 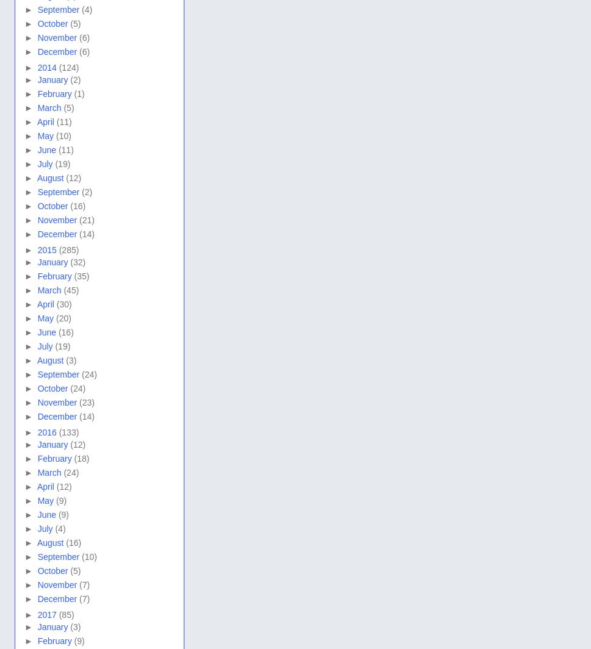 I want to click on '(32)', so click(x=77, y=262).